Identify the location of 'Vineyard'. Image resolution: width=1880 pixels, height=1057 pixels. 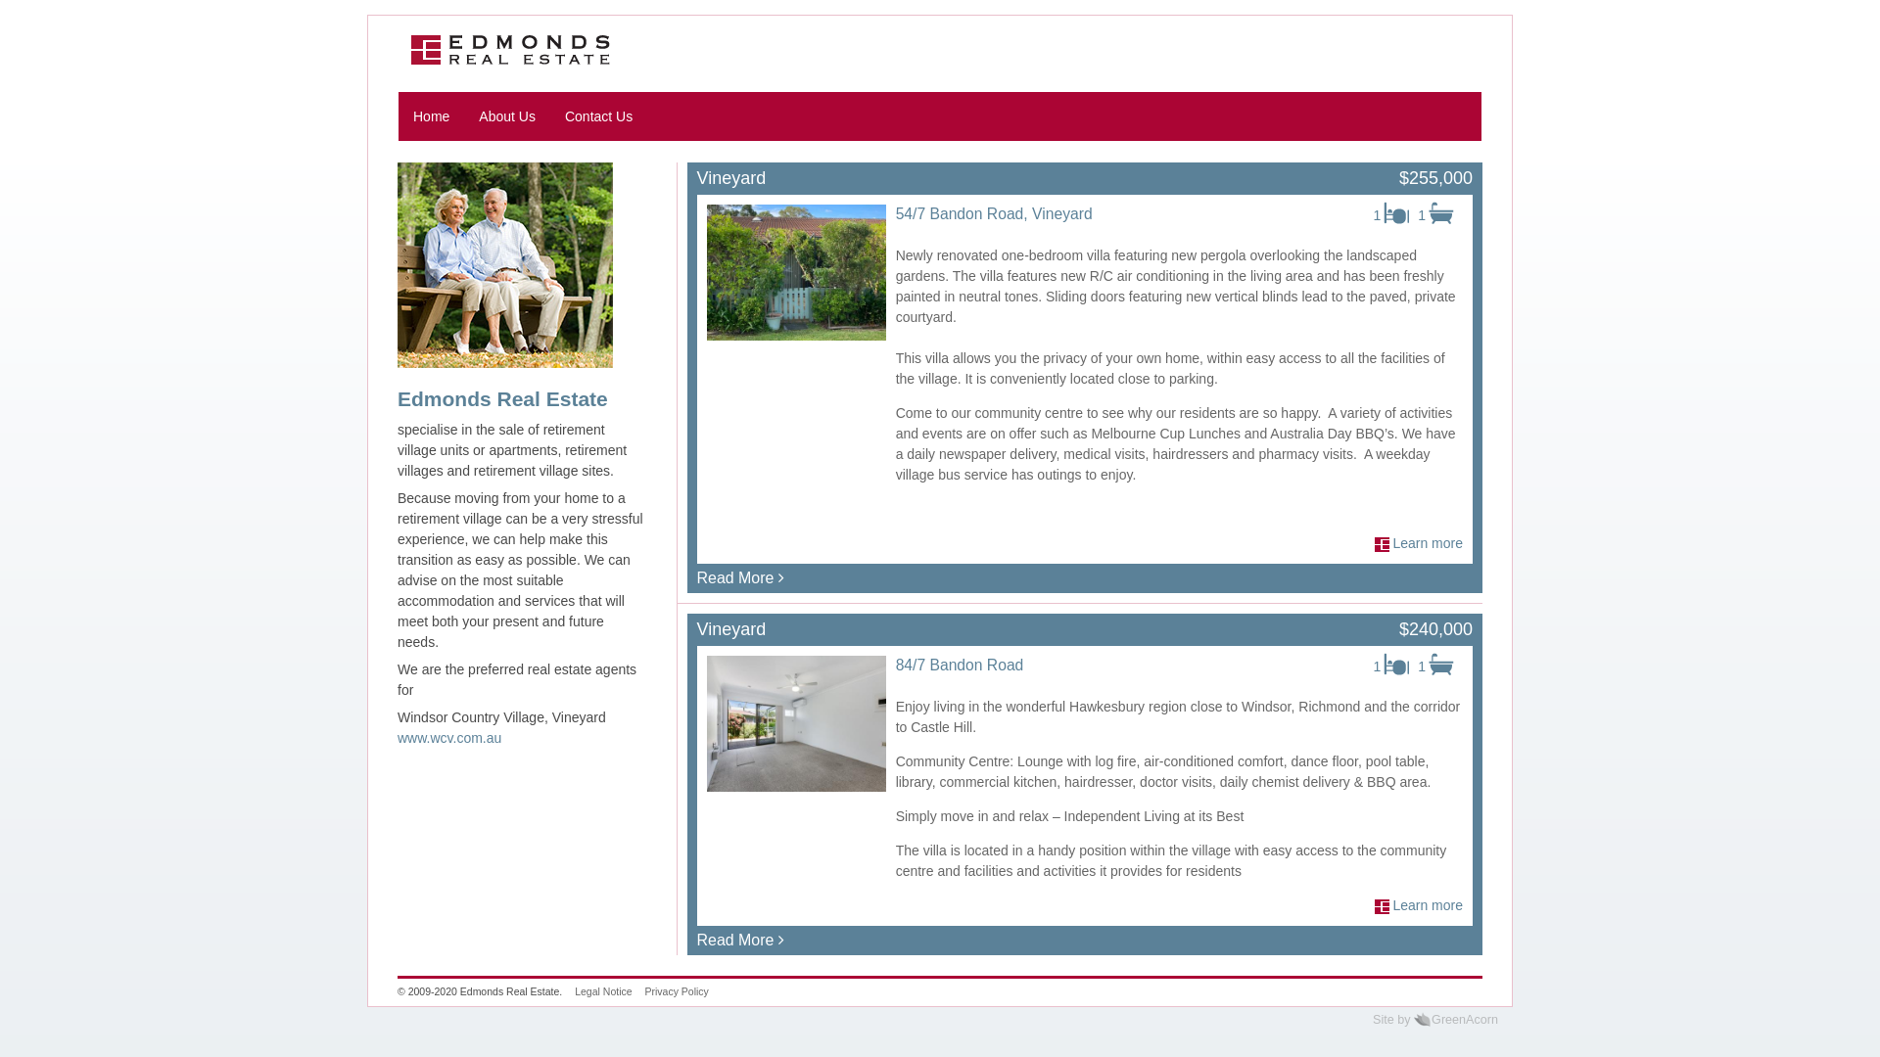
(730, 177).